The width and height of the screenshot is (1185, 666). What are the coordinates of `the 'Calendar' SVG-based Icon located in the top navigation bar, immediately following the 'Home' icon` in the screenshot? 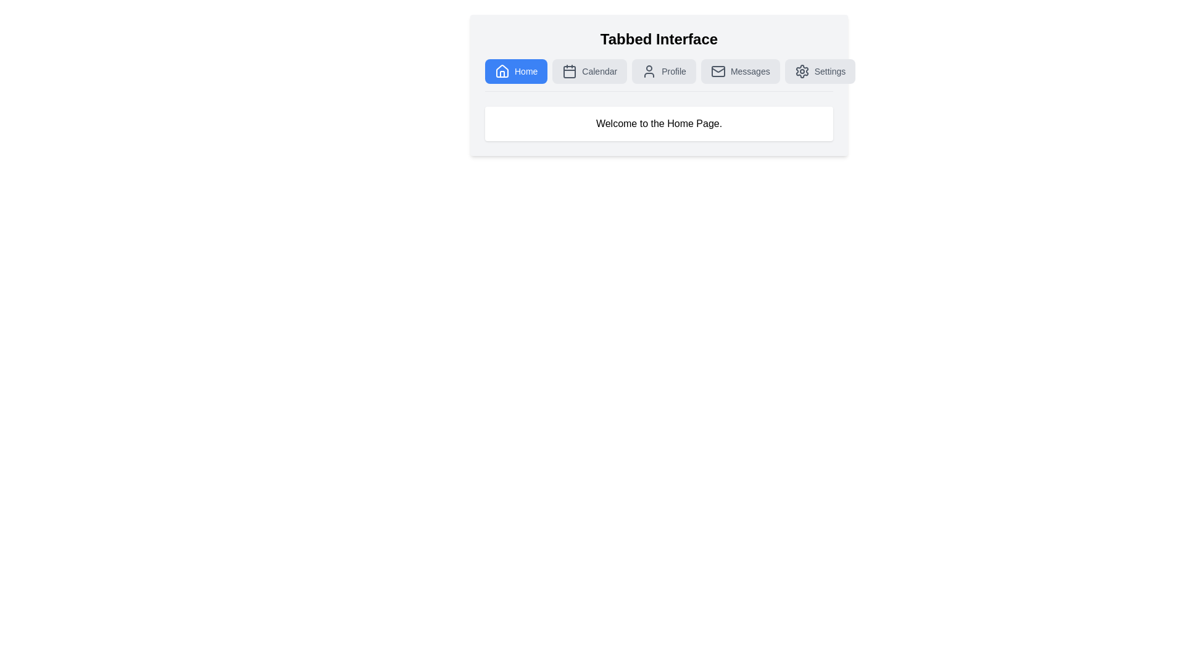 It's located at (569, 71).